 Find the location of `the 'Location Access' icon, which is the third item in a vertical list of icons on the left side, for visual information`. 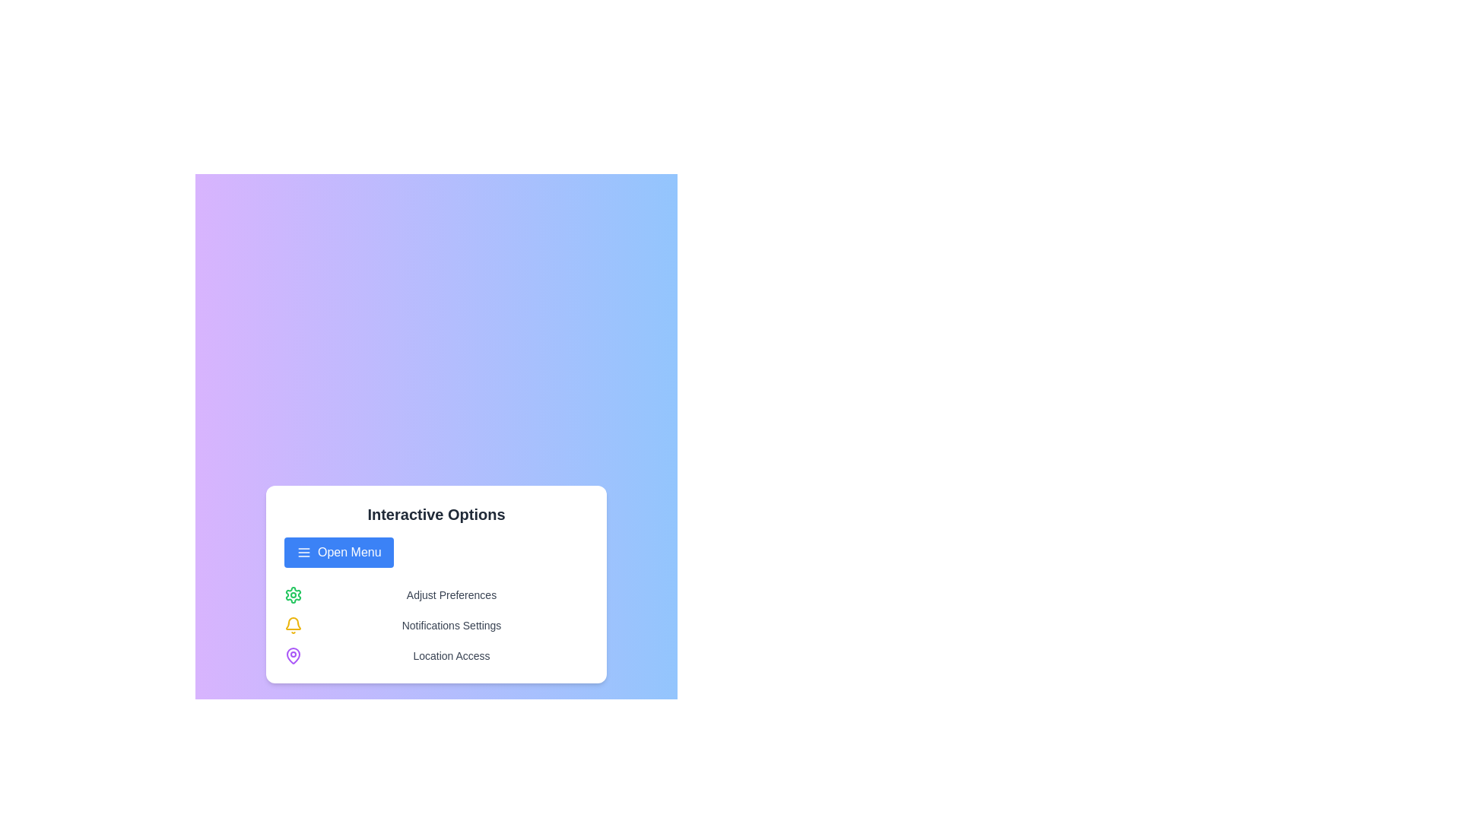

the 'Location Access' icon, which is the third item in a vertical list of icons on the left side, for visual information is located at coordinates (293, 655).